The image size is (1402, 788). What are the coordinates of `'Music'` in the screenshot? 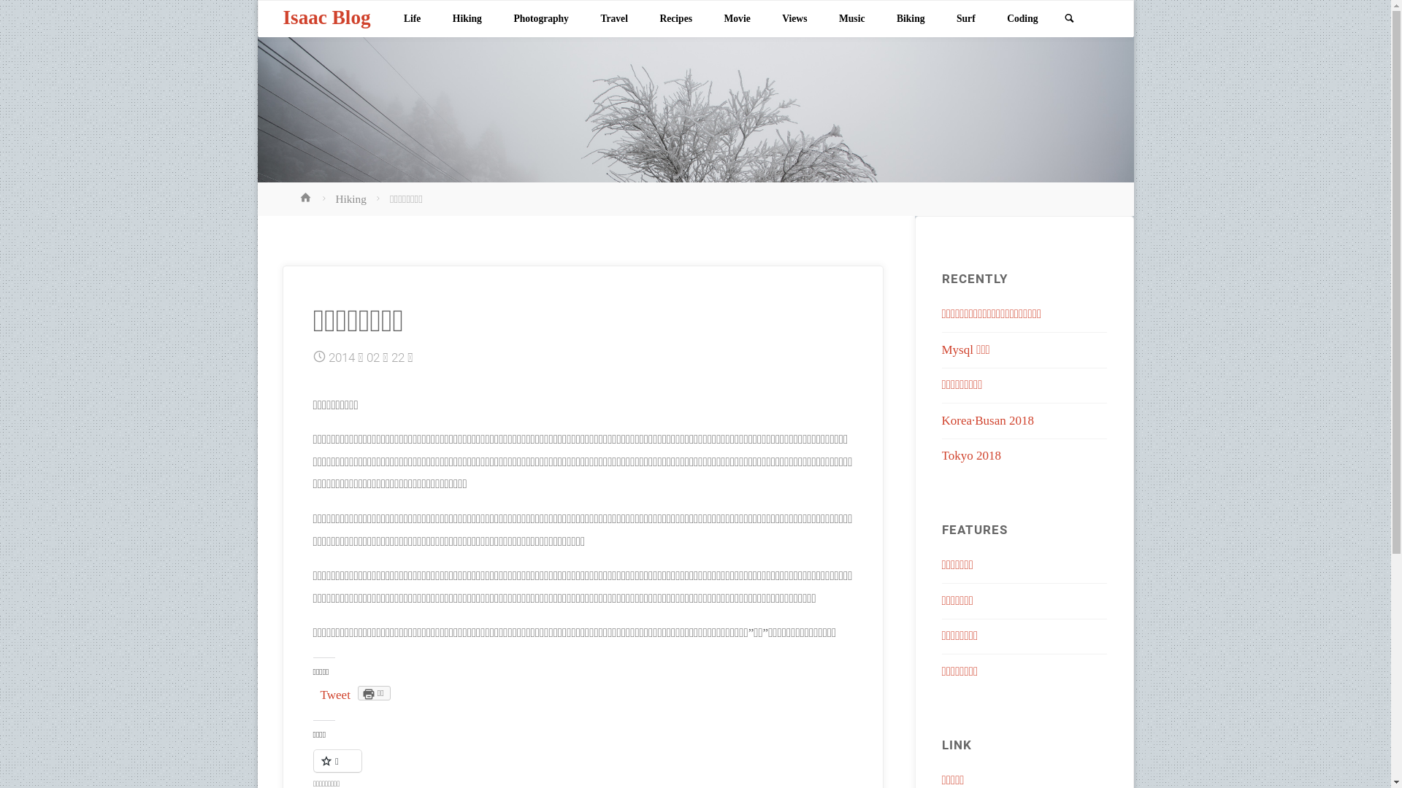 It's located at (851, 19).